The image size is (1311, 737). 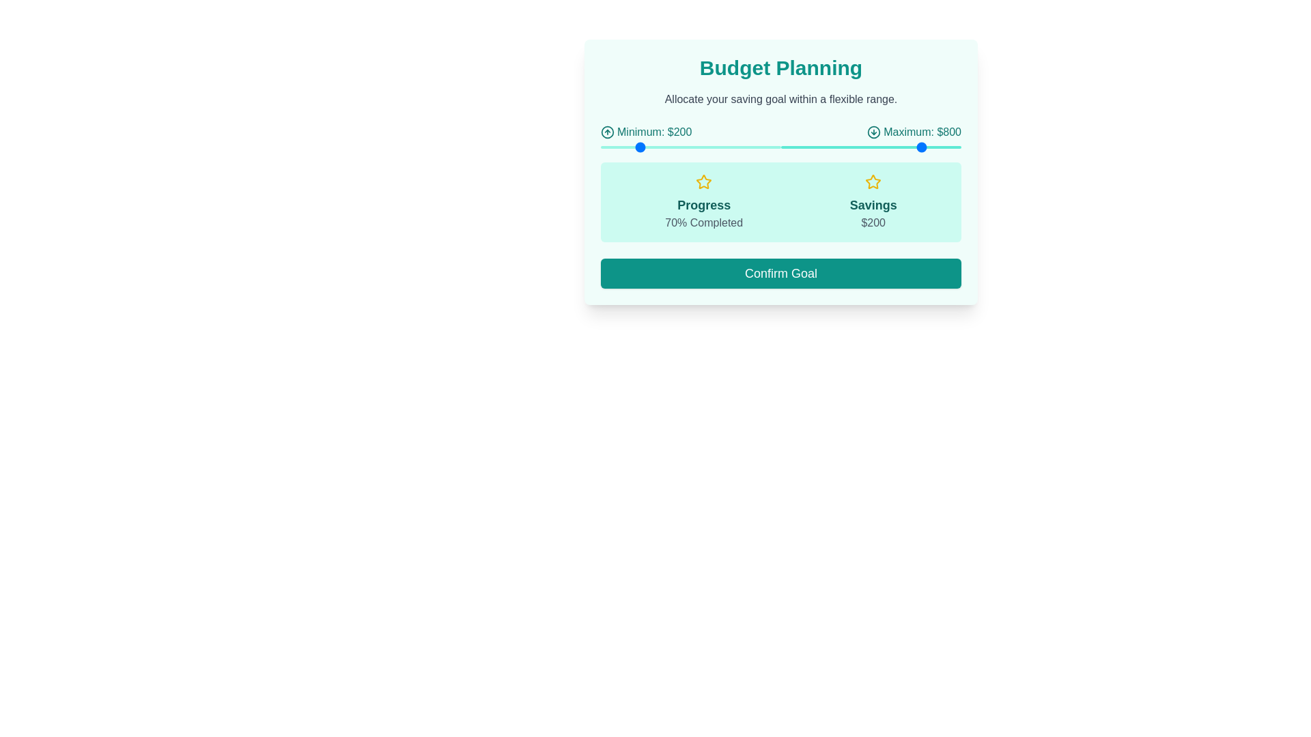 I want to click on the progress status text label displaying '70% completion', located beneath the 'Progress' label in the 'Budget Planning' card, so click(x=704, y=222).